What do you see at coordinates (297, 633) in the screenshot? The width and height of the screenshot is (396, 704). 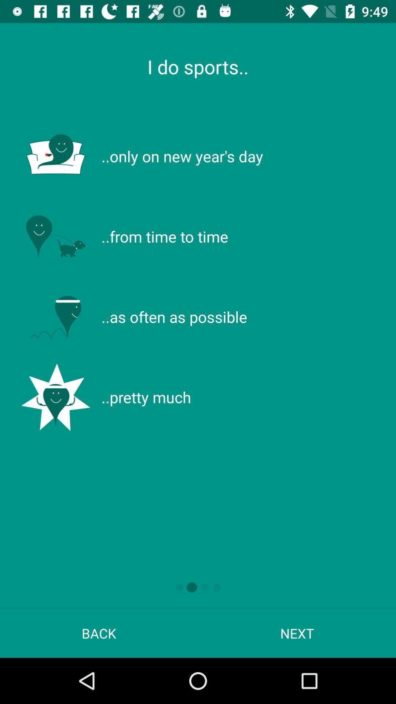 I see `the next` at bounding box center [297, 633].